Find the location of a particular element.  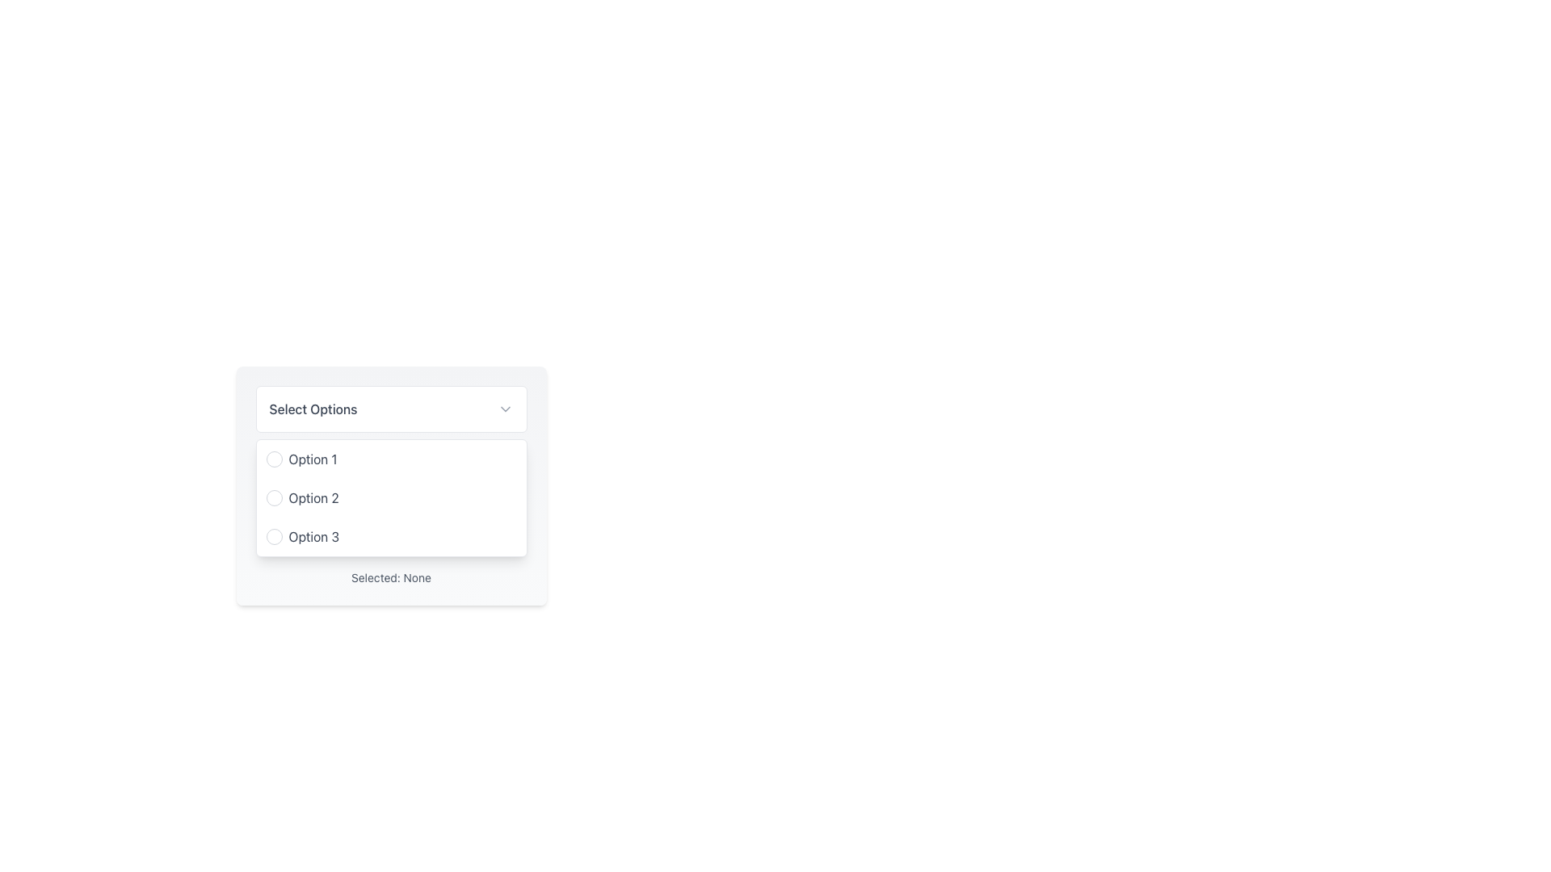

the dropdown menu displaying radio button options is located at coordinates (391, 497).